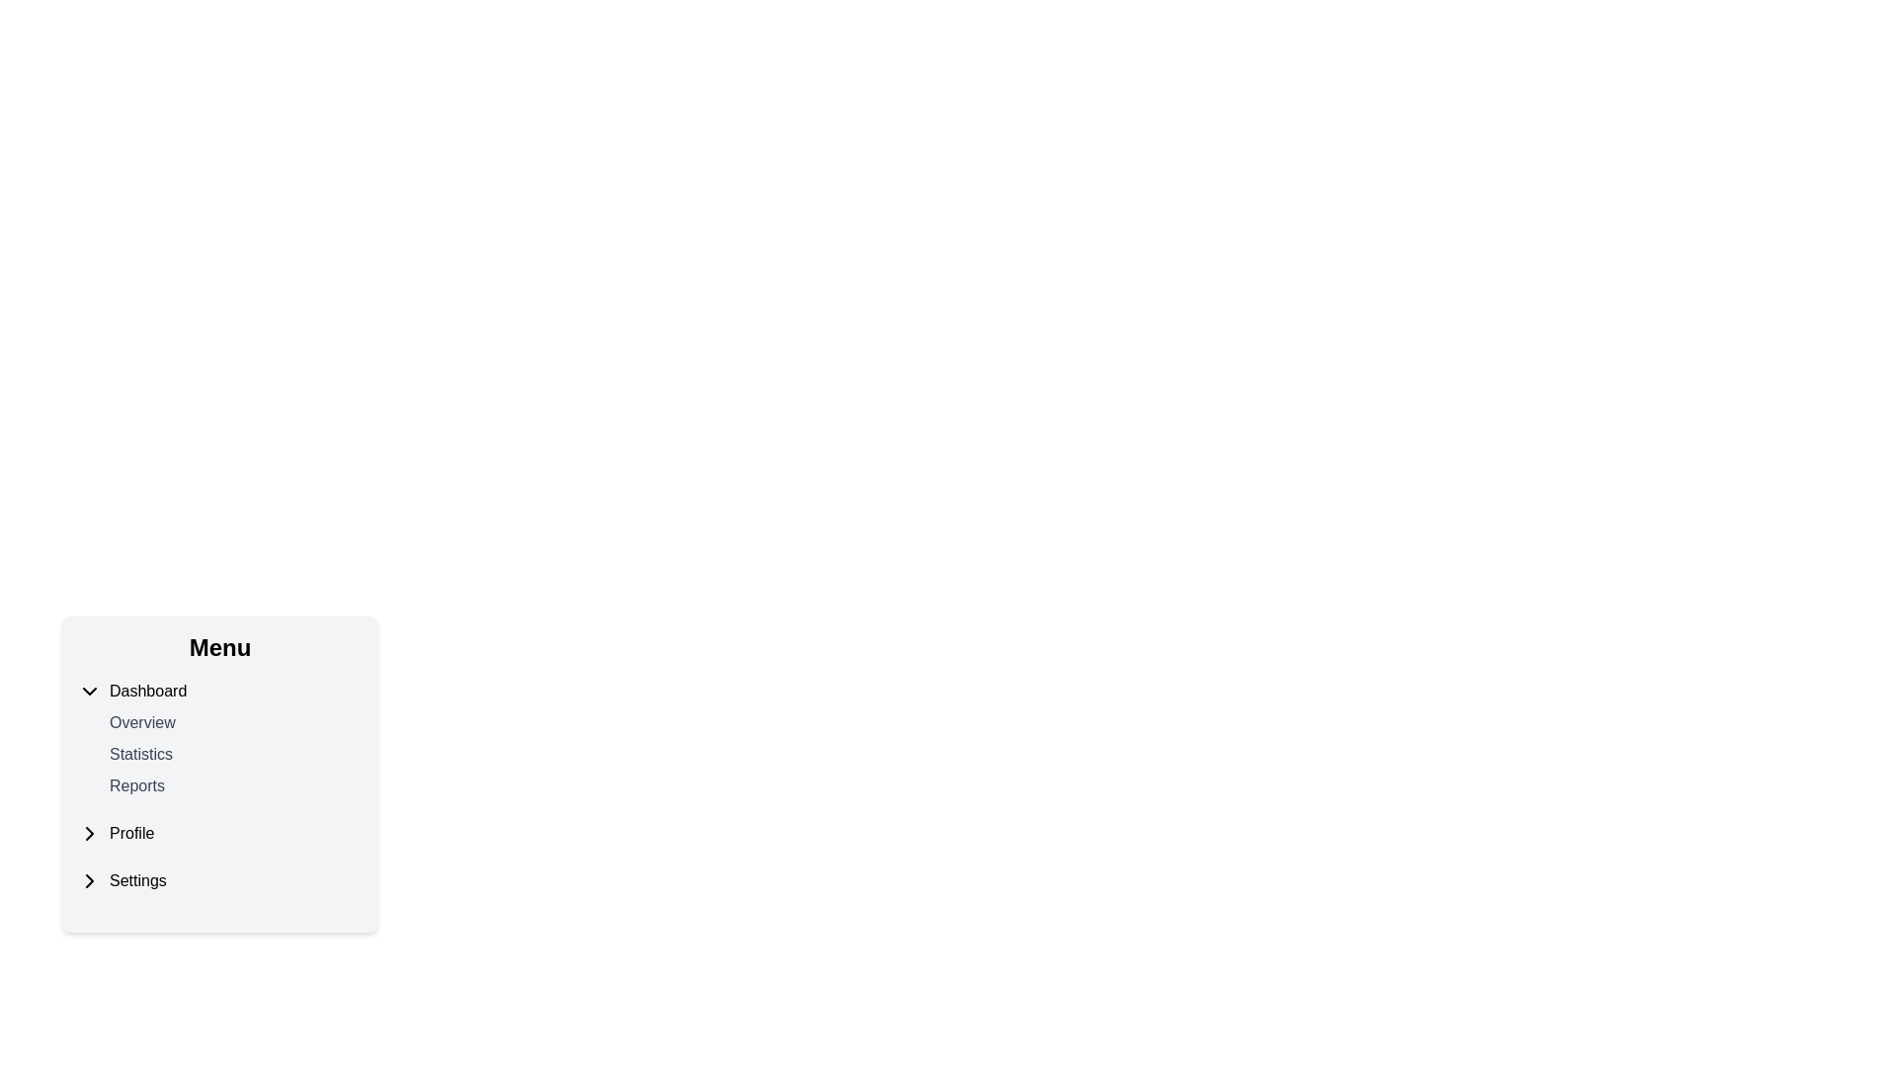  Describe the element at coordinates (136, 879) in the screenshot. I see `the 'Settings' text label located at the bottom of the vertical menu list` at that location.